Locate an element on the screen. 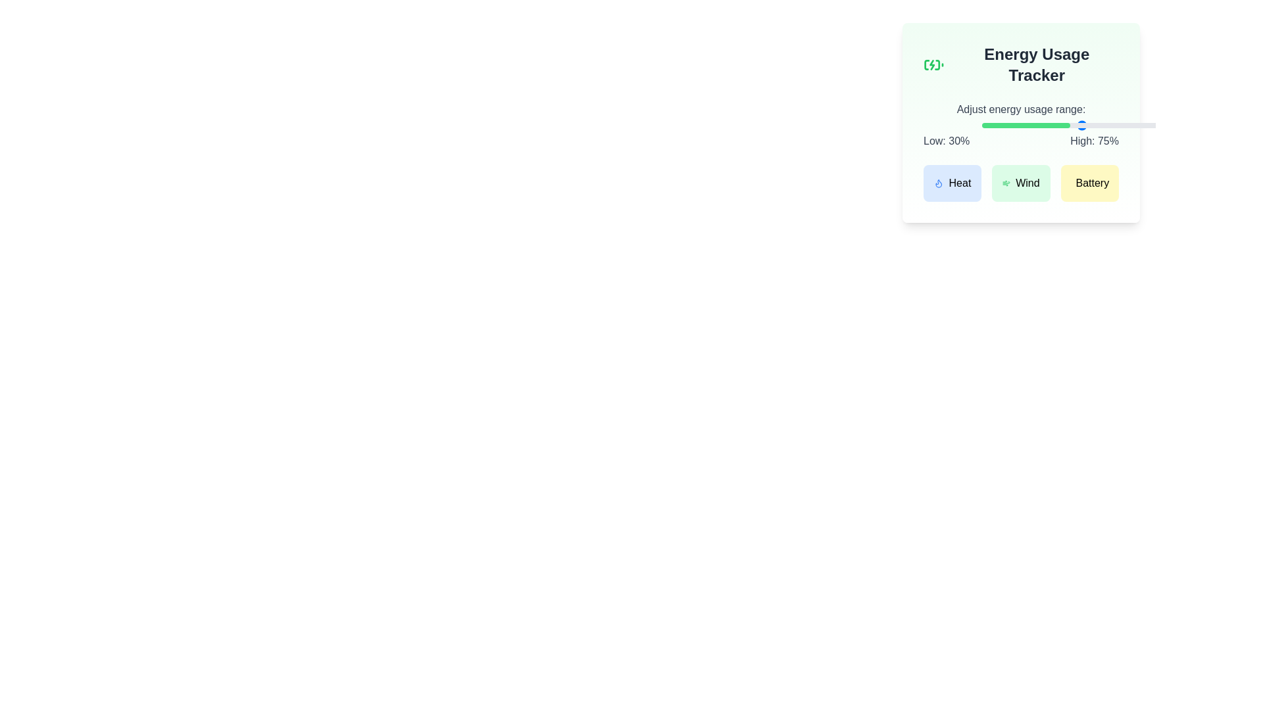 The height and width of the screenshot is (710, 1263). the 'Battery' button is located at coordinates (1092, 183).